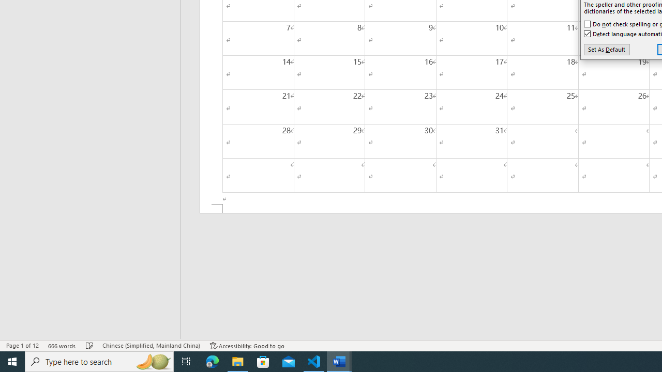 This screenshot has width=662, height=372. What do you see at coordinates (22, 346) in the screenshot?
I see `'Page Number Page 1 of 12'` at bounding box center [22, 346].